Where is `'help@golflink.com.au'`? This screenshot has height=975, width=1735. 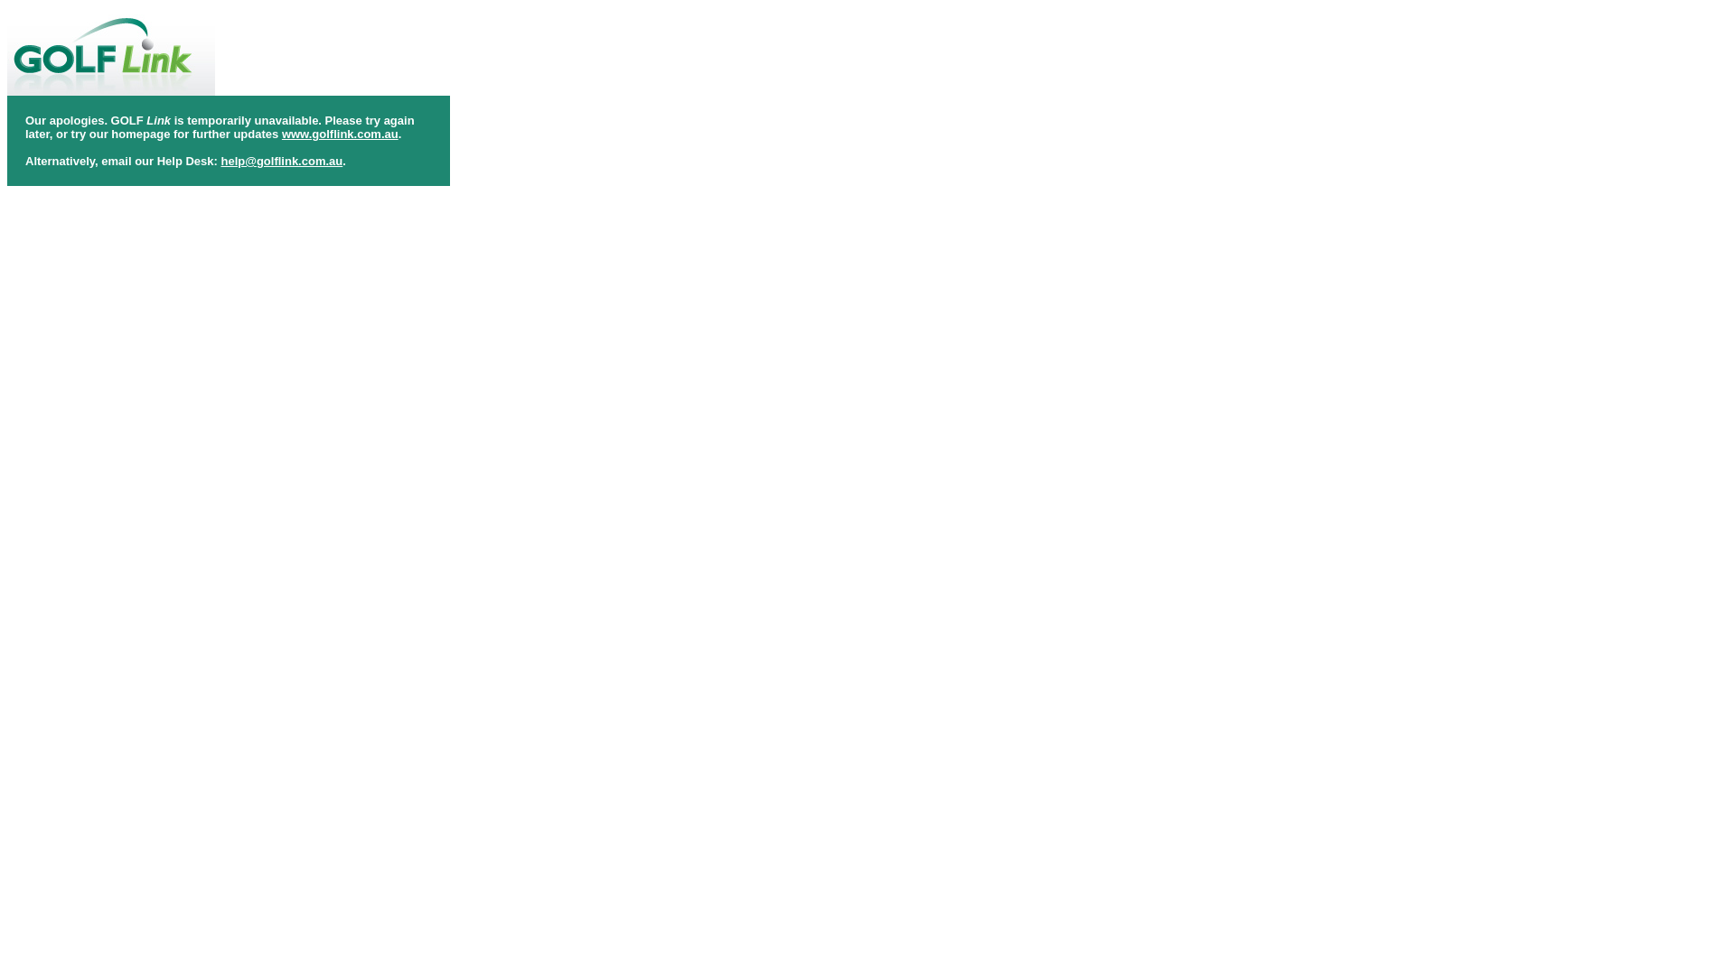 'help@golflink.com.au' is located at coordinates (280, 160).